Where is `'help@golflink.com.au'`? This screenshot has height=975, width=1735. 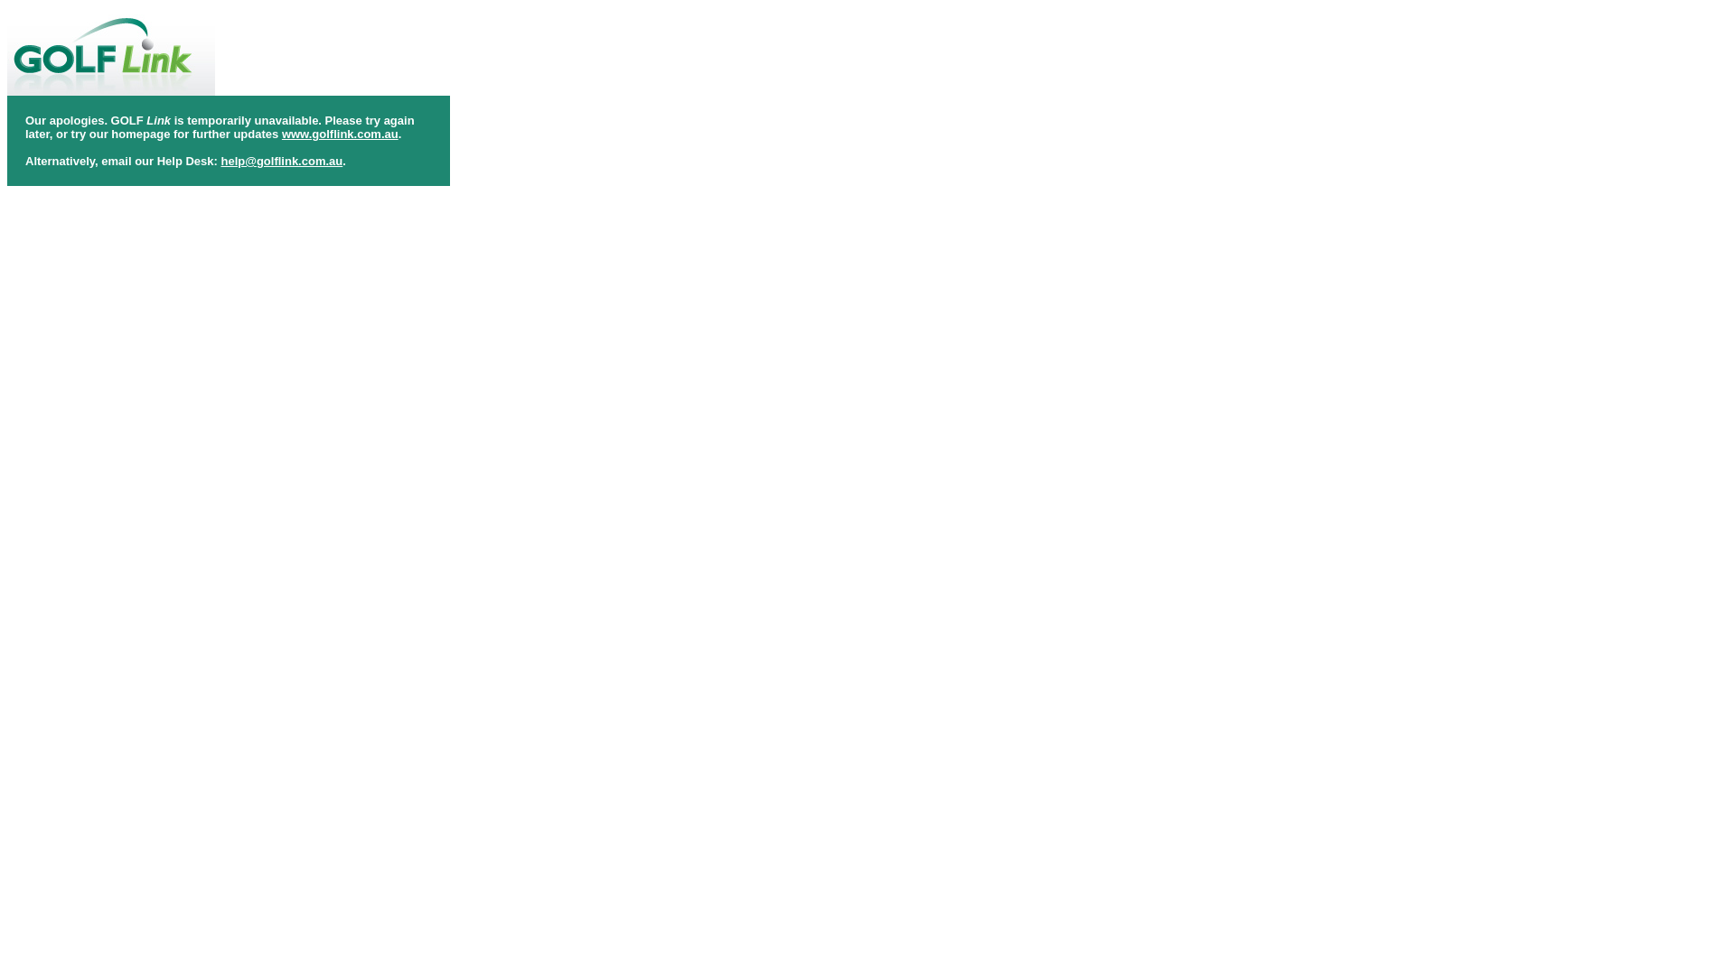 'help@golflink.com.au' is located at coordinates (280, 160).